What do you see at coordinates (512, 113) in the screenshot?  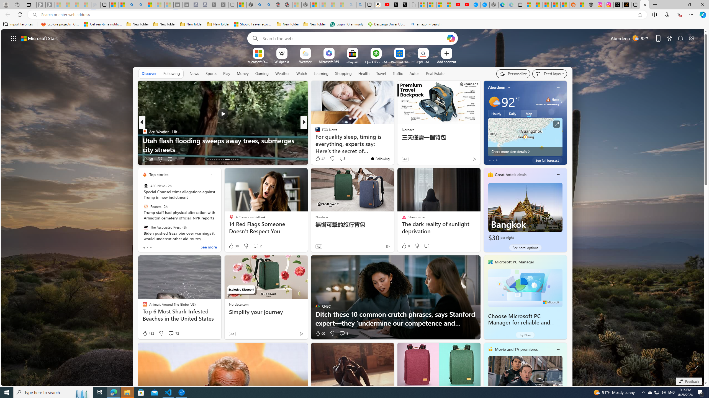 I see `'Daily'` at bounding box center [512, 113].